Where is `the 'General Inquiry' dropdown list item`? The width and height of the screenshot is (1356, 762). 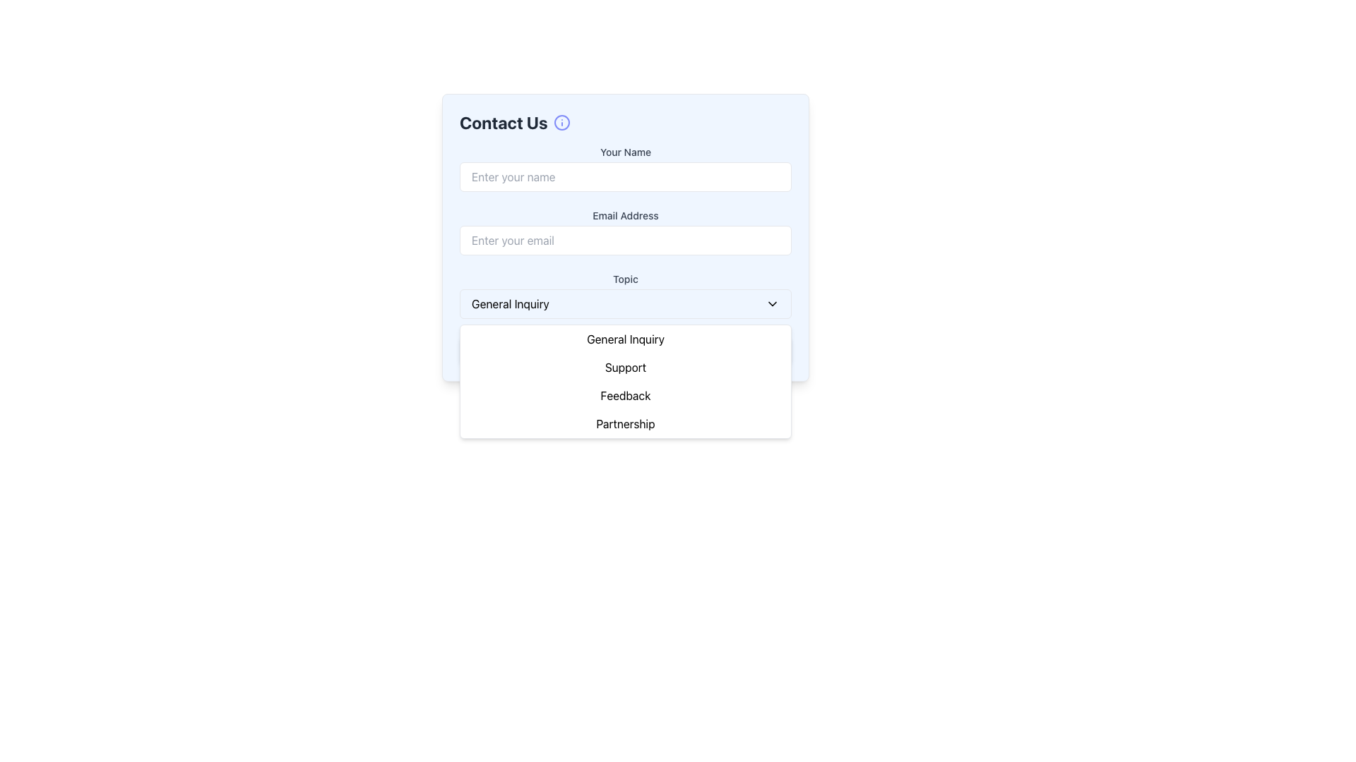 the 'General Inquiry' dropdown list item is located at coordinates (625, 339).